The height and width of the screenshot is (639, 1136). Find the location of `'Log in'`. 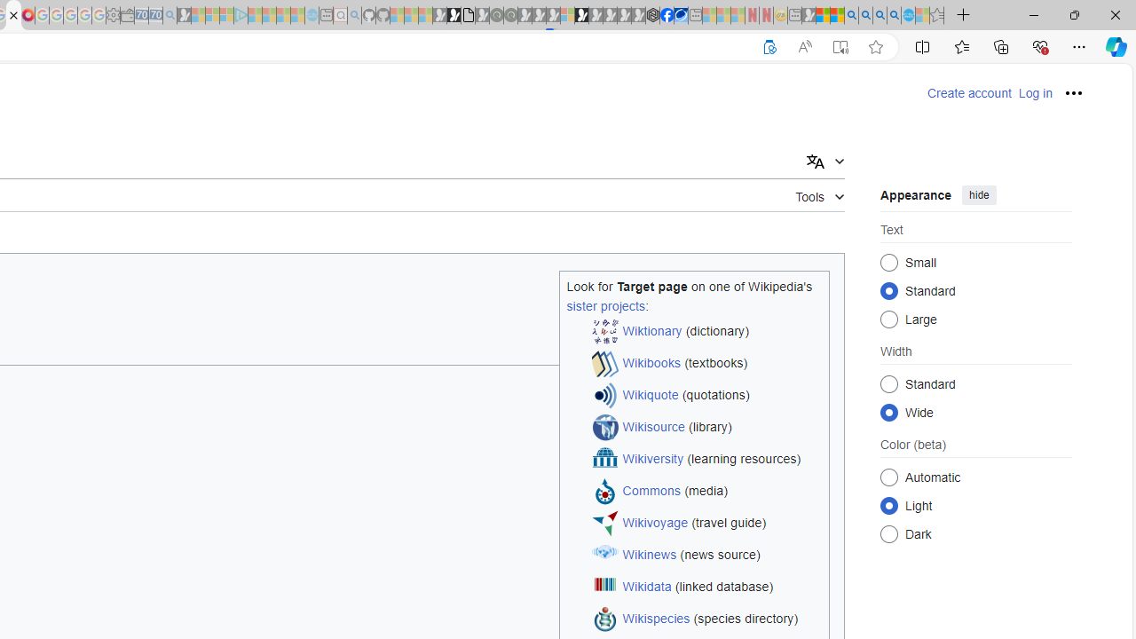

'Log in' is located at coordinates (1035, 93).